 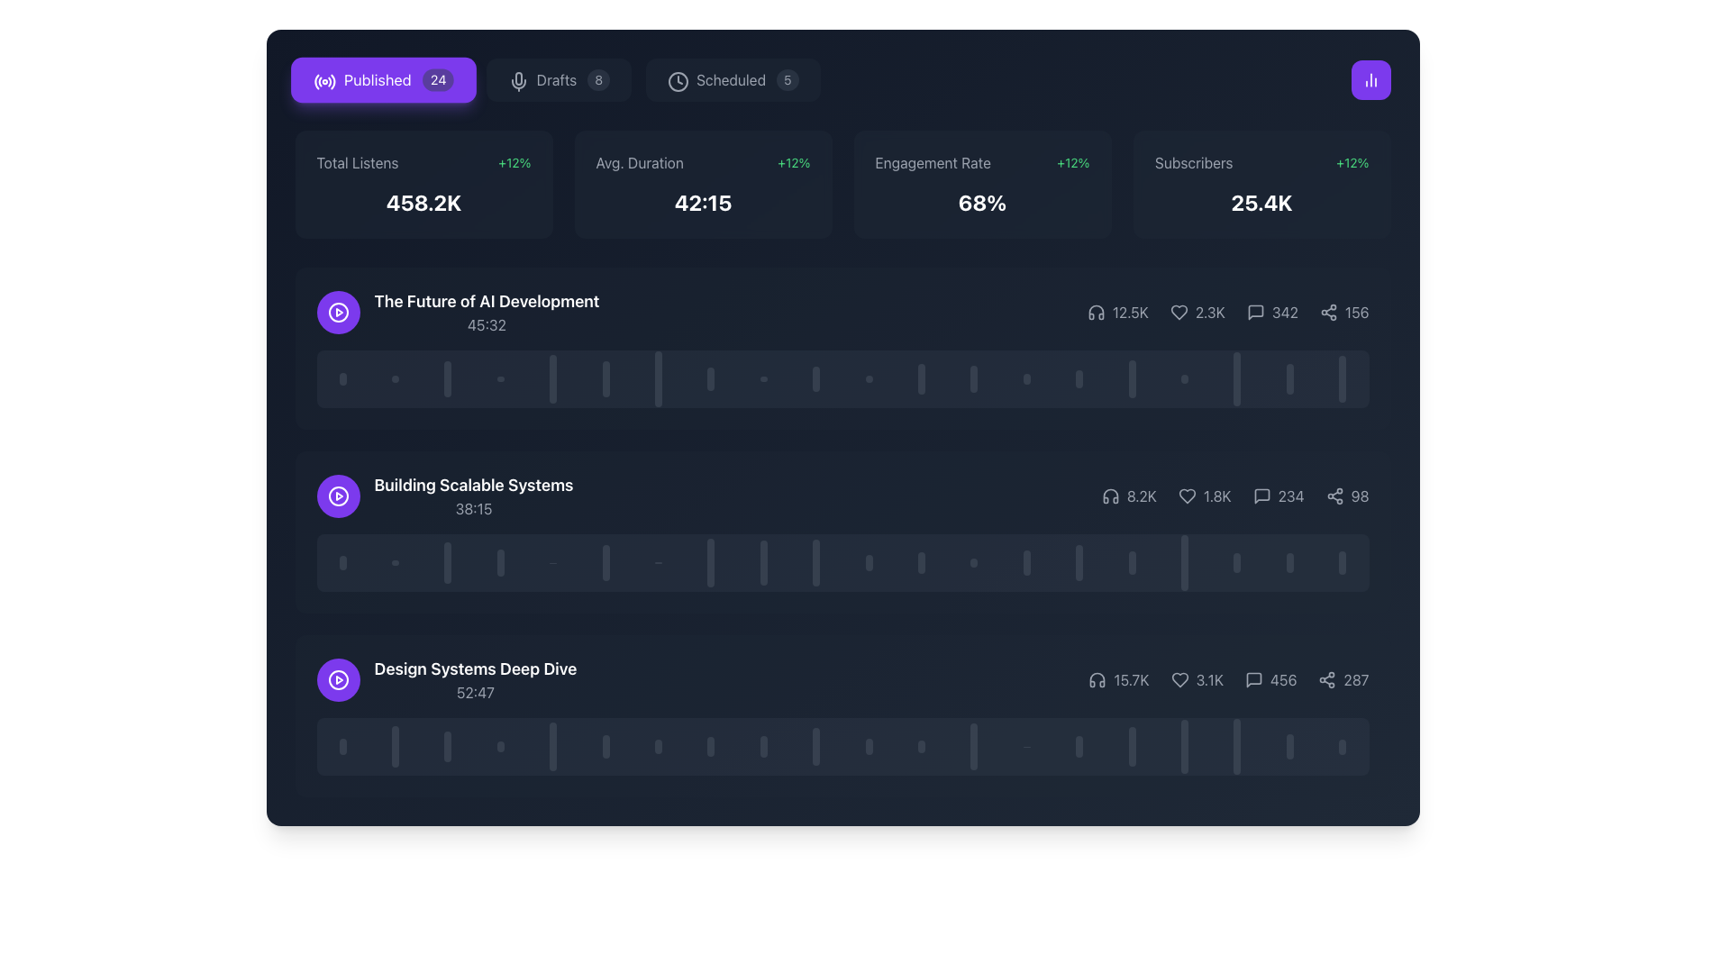 I want to click on value '8.2K' from the text label displaying '8.2K' in light gray color, positioned in the second row of the content list, aligned with a headphone icon on its left, so click(x=1141, y=496).